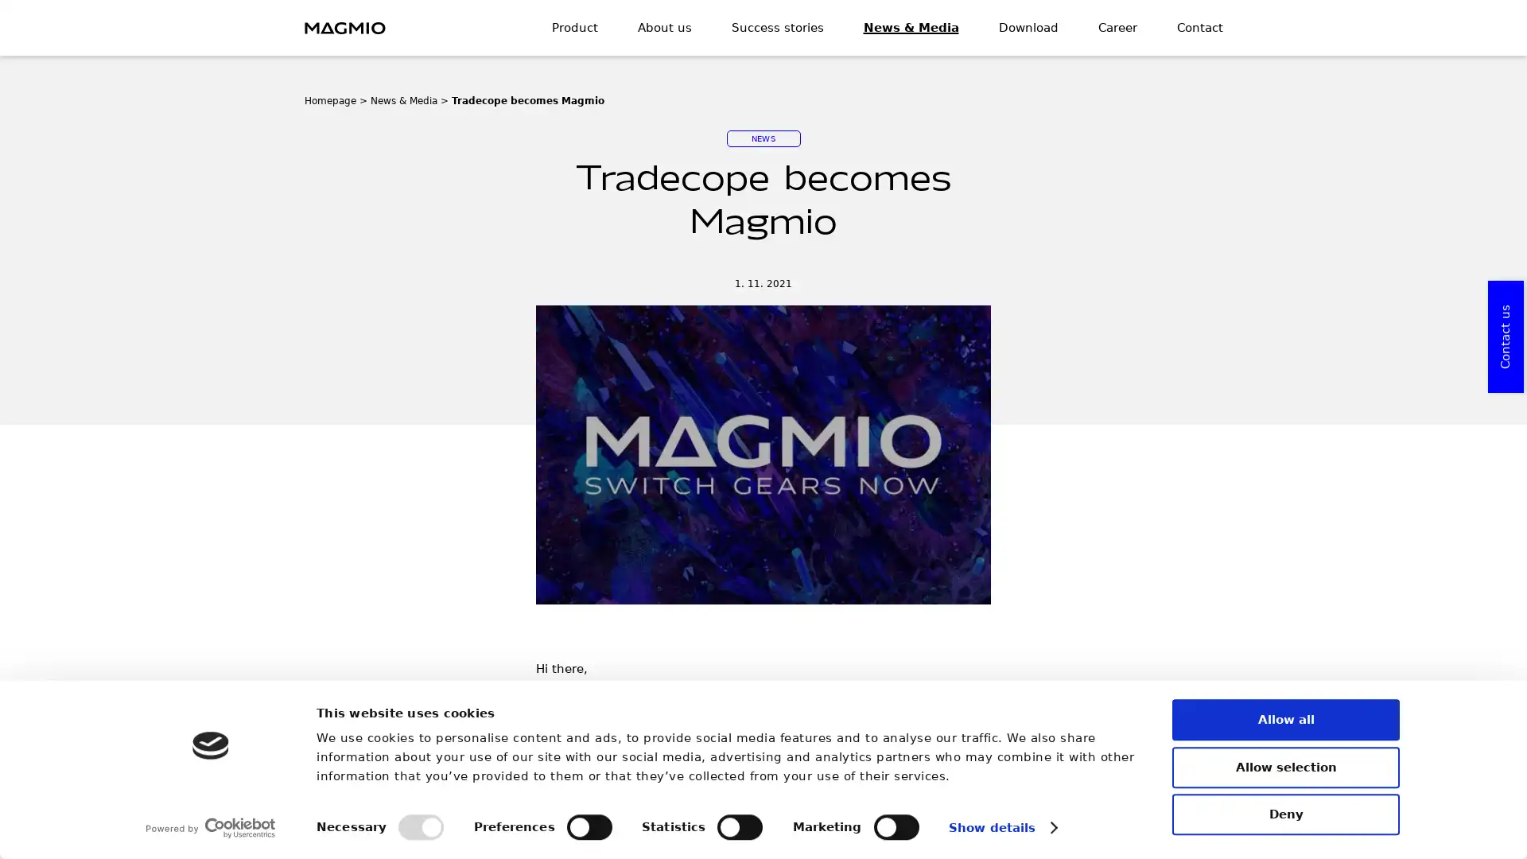 The image size is (1527, 859). Describe the element at coordinates (1286, 766) in the screenshot. I see `Allow selection` at that location.